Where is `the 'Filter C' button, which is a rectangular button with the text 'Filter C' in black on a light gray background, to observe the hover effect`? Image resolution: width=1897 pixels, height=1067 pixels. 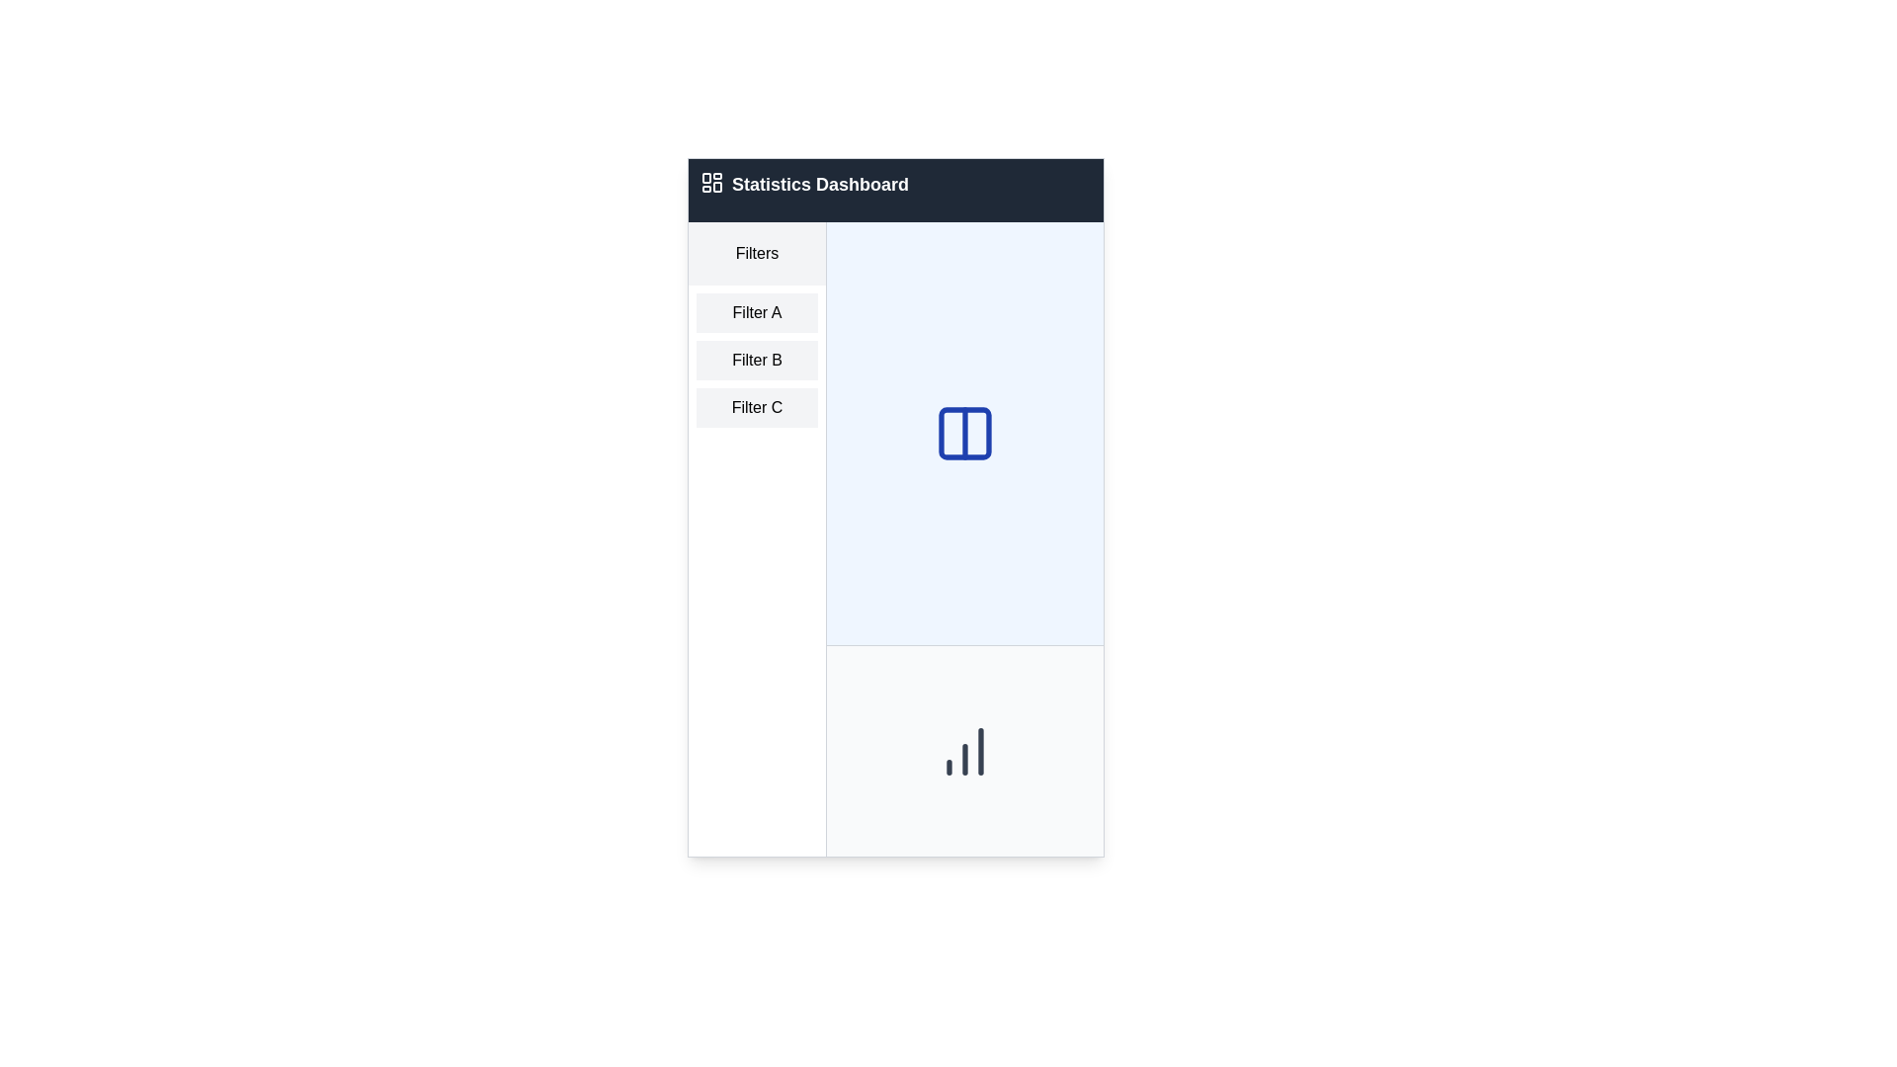
the 'Filter C' button, which is a rectangular button with the text 'Filter C' in black on a light gray background, to observe the hover effect is located at coordinates (756, 406).